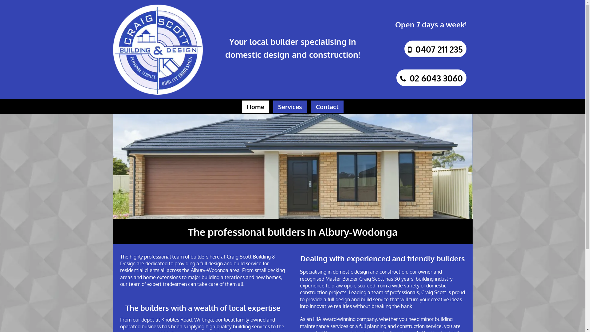 The image size is (590, 332). What do you see at coordinates (273, 106) in the screenshot?
I see `'Services'` at bounding box center [273, 106].